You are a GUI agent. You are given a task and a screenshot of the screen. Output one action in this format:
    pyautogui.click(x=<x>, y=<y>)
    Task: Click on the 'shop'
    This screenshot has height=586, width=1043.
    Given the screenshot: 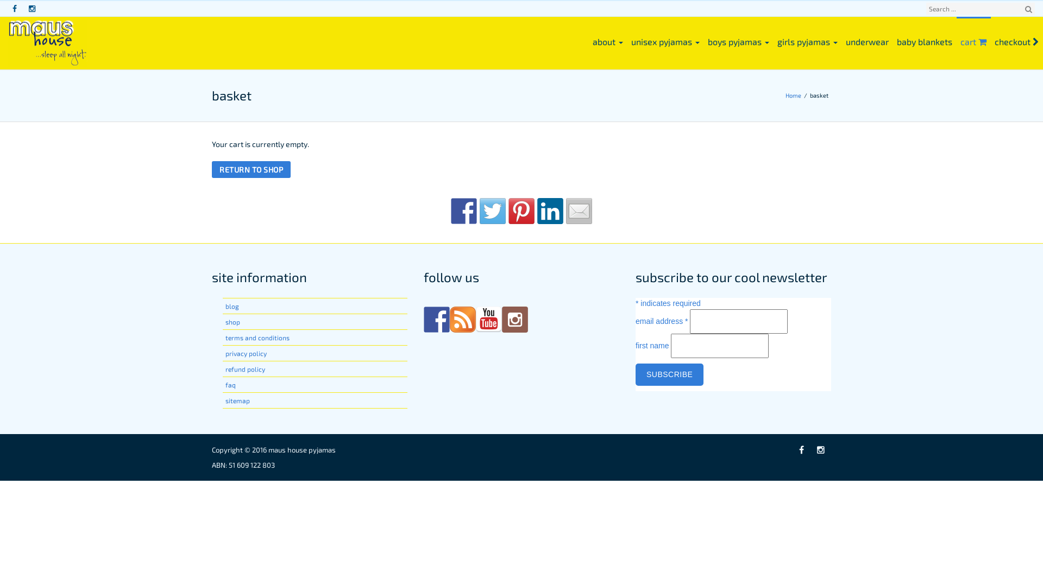 What is the action you would take?
    pyautogui.click(x=232, y=321)
    